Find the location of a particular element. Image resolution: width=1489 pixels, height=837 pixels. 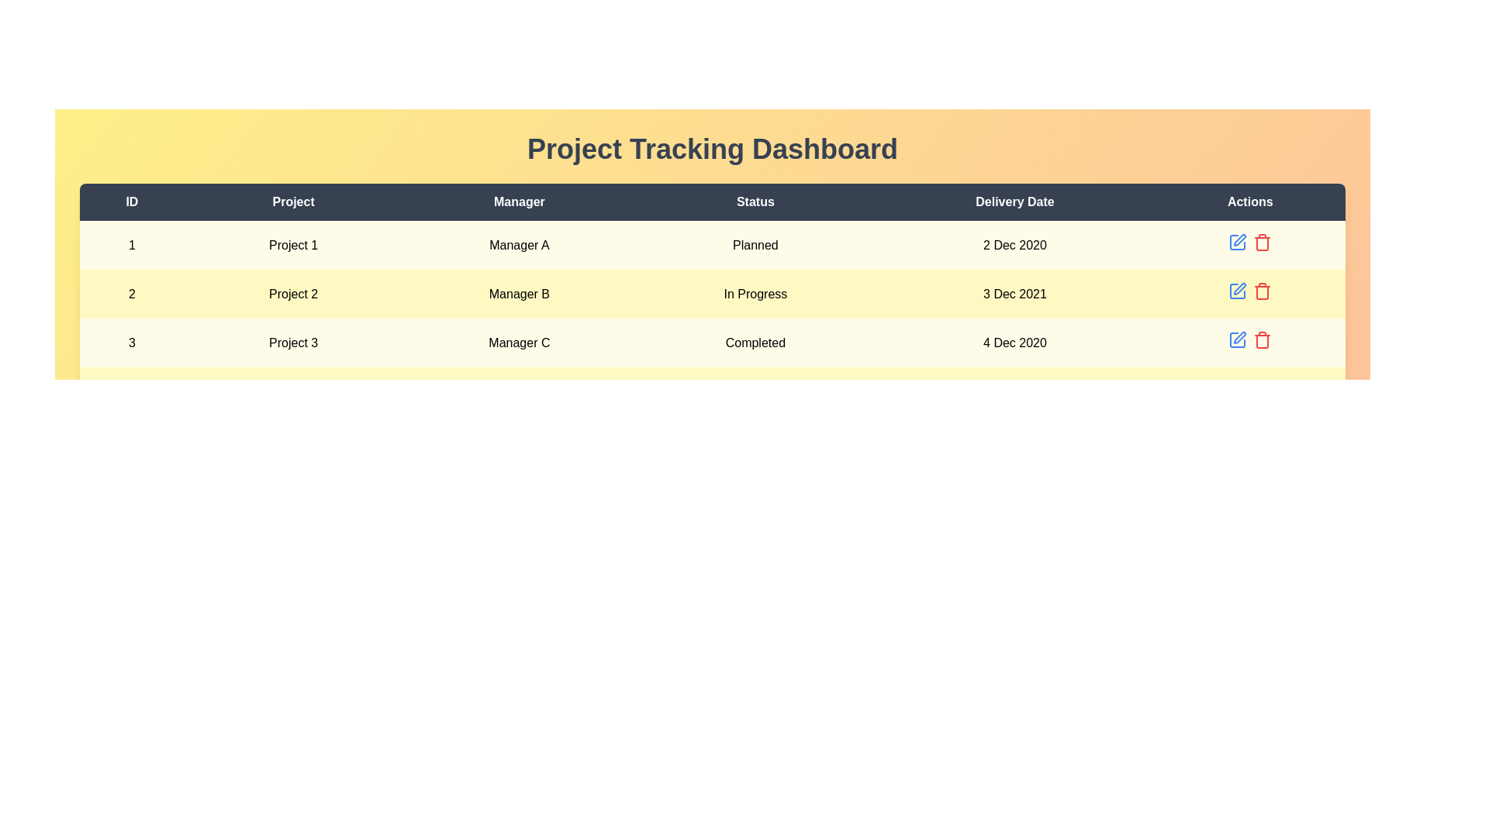

the 'Edit' button for the project with ID 2 is located at coordinates (1237, 291).